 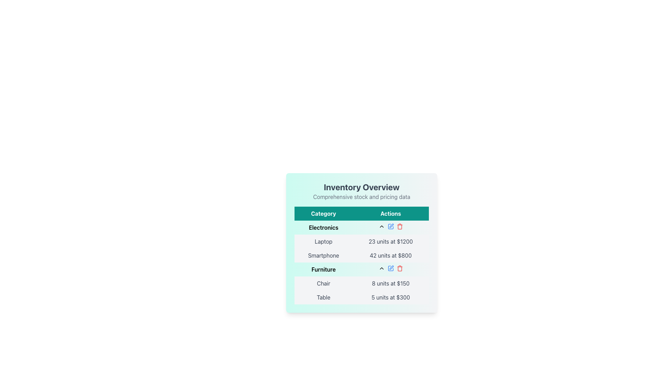 I want to click on the Text-based informational header displaying 'Inventory Overview' and 'Comprehensive stock and pricing data', located at the top-center of the inventory panel, so click(x=362, y=191).